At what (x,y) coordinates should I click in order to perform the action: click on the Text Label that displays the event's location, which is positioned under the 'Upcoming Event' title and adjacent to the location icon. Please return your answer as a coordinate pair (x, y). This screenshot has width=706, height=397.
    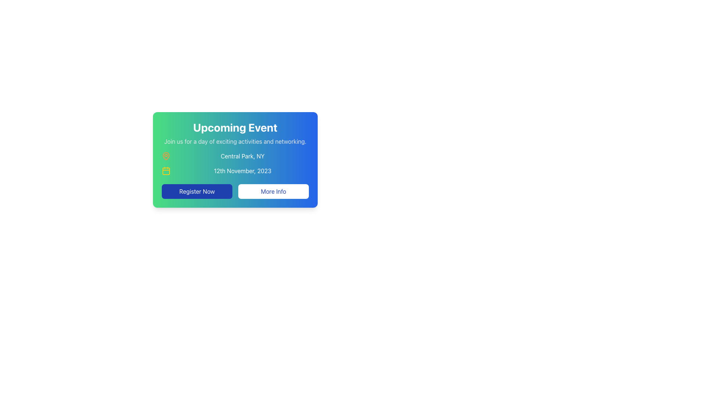
    Looking at the image, I should click on (243, 155).